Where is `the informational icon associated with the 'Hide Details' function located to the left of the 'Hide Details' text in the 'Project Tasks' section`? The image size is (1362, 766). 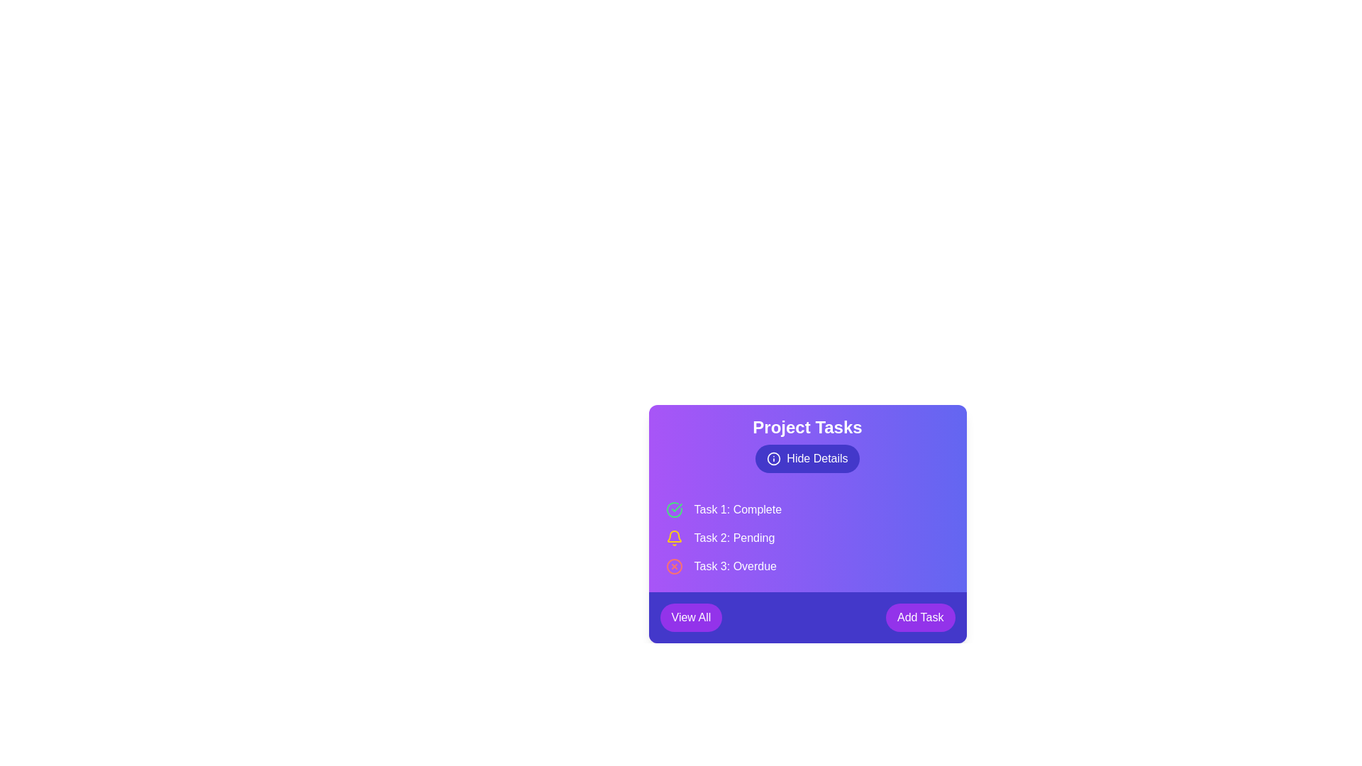 the informational icon associated with the 'Hide Details' function located to the left of the 'Hide Details' text in the 'Project Tasks' section is located at coordinates (773, 459).